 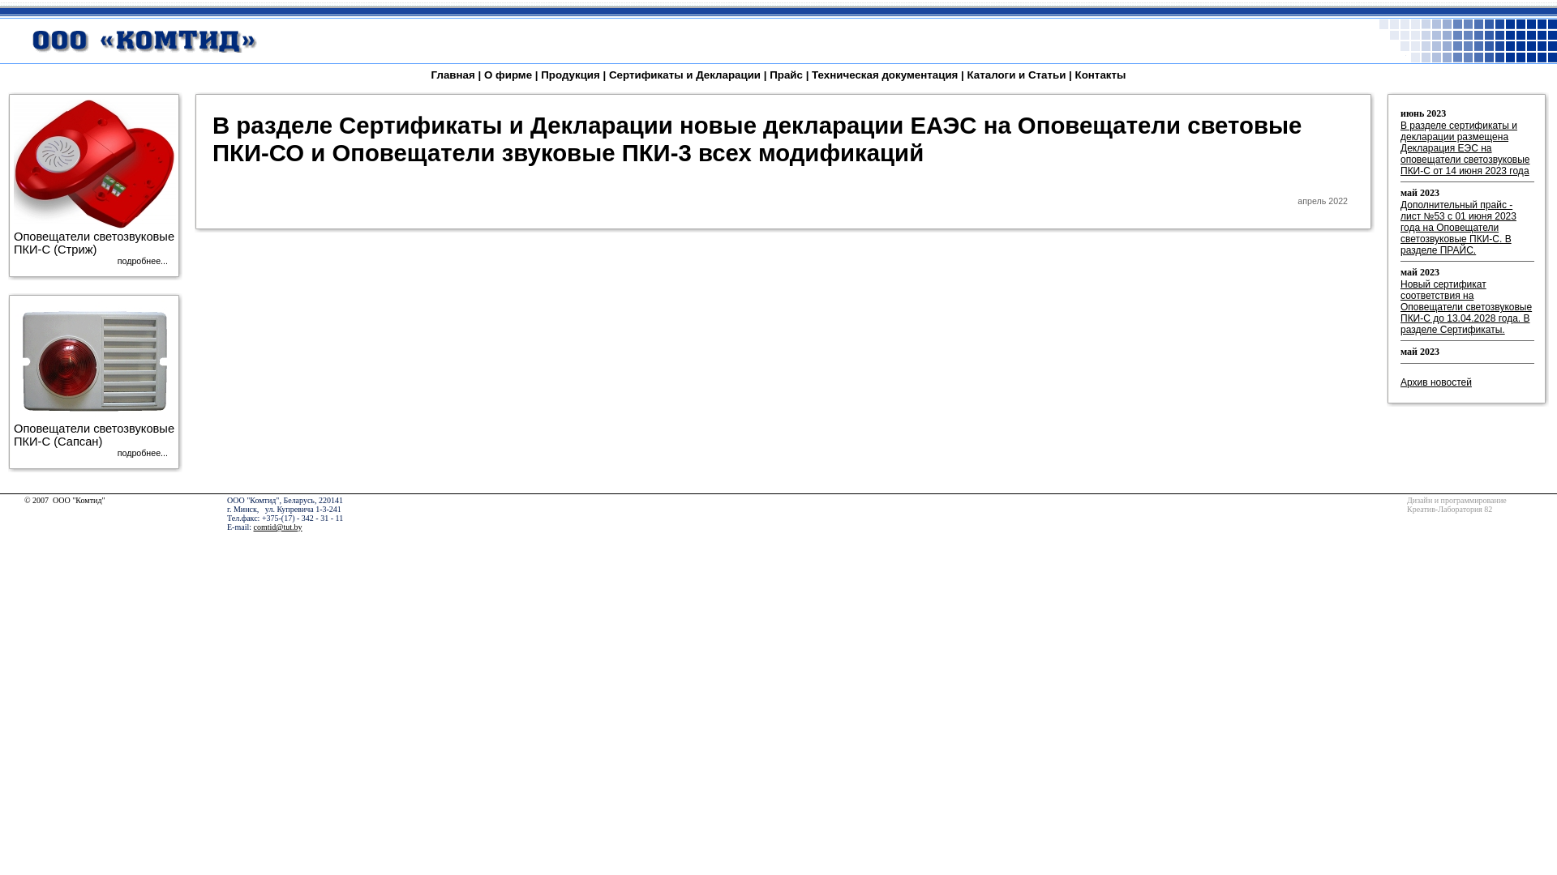 What do you see at coordinates (277, 527) in the screenshot?
I see `'comtid@tut.by'` at bounding box center [277, 527].